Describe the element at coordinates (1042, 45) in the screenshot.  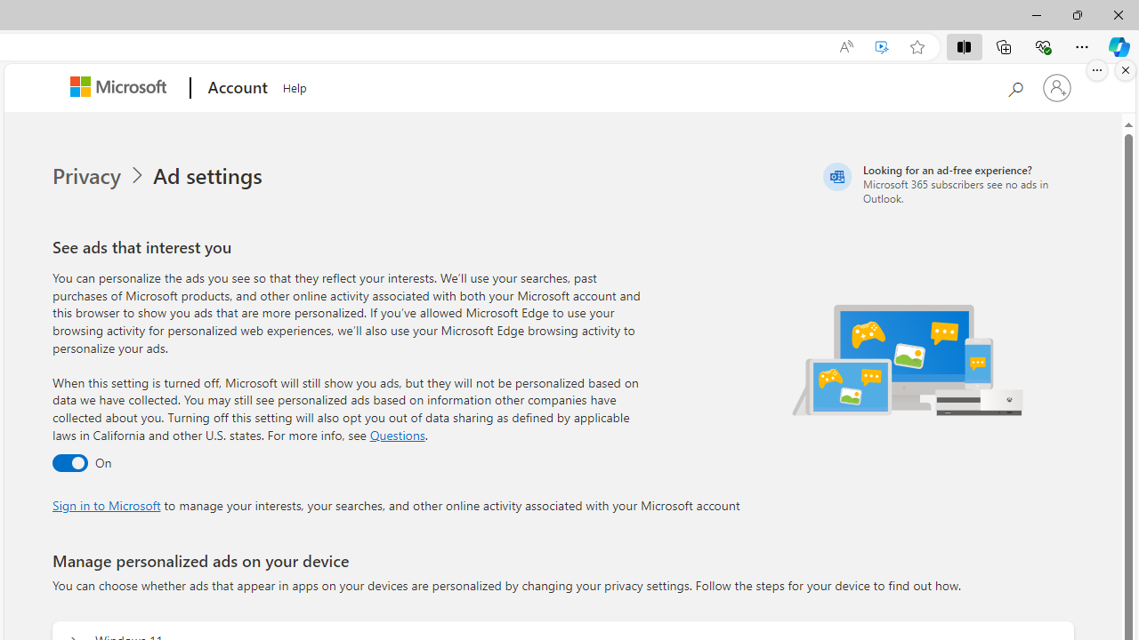
I see `'Browser essentials'` at that location.